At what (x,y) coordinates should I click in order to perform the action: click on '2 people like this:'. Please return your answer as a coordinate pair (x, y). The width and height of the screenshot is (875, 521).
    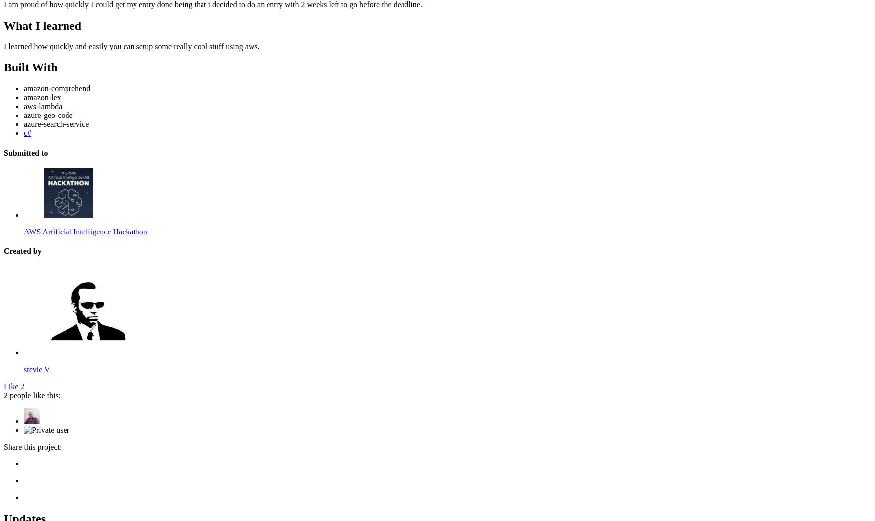
    Looking at the image, I should click on (32, 395).